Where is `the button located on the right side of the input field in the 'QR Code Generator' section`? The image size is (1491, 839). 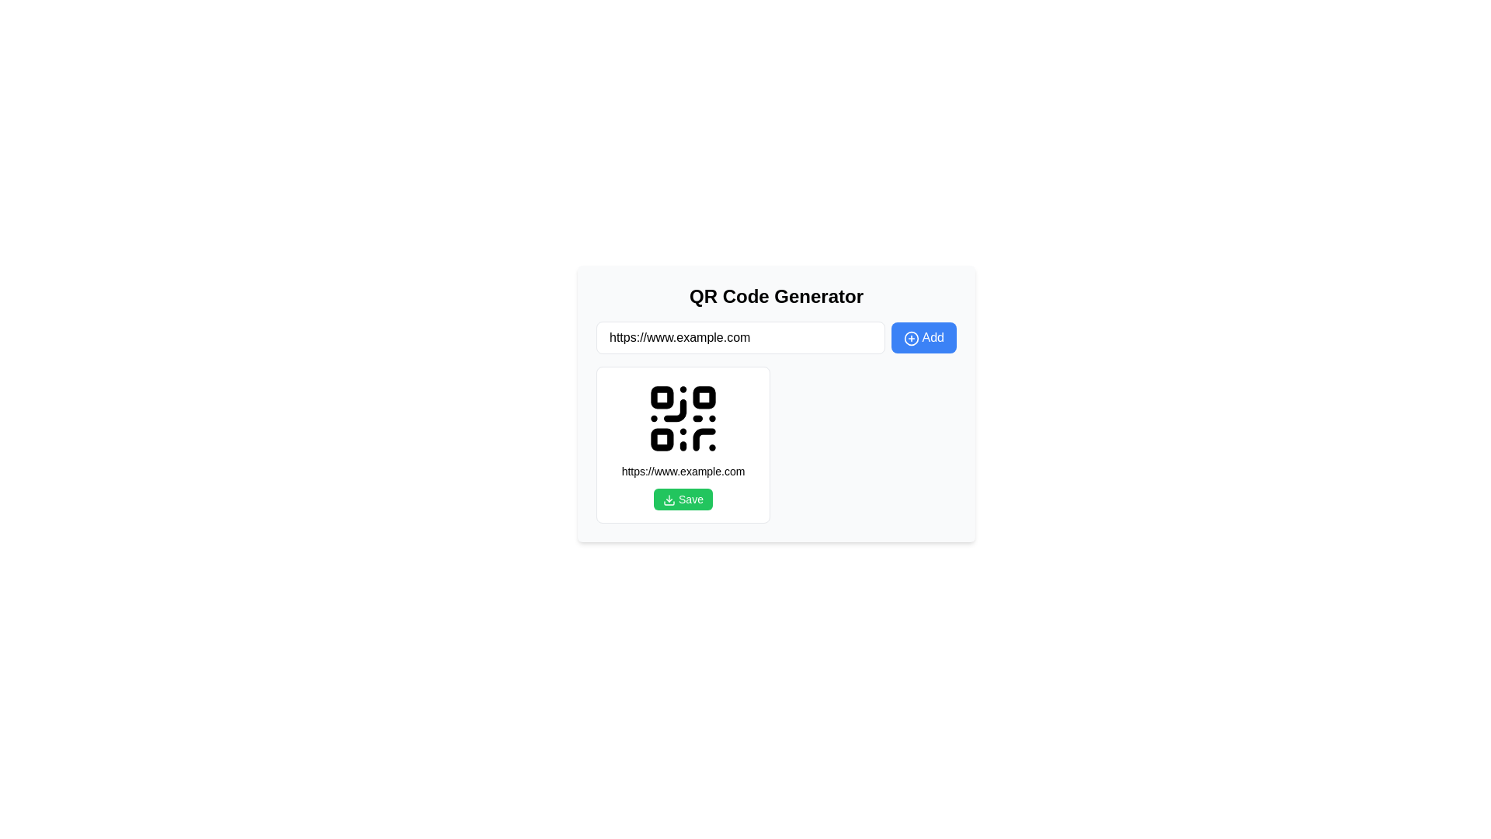 the button located on the right side of the input field in the 'QR Code Generator' section is located at coordinates (923, 337).